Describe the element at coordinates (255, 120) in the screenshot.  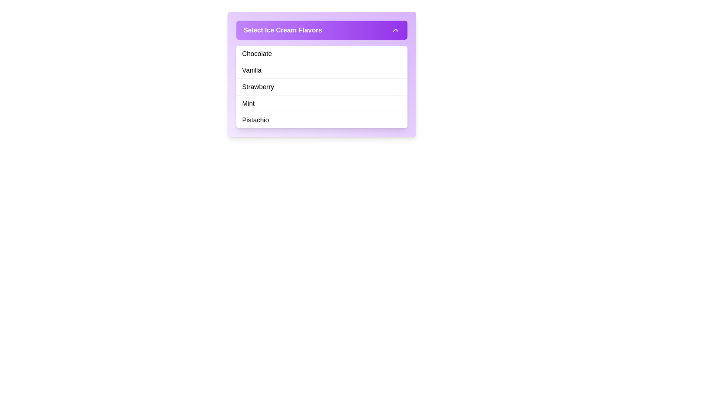
I see `text of the bold label 'Pistachio' located in the dropdown menu under 'Select Ice Cream Flavors'` at that location.